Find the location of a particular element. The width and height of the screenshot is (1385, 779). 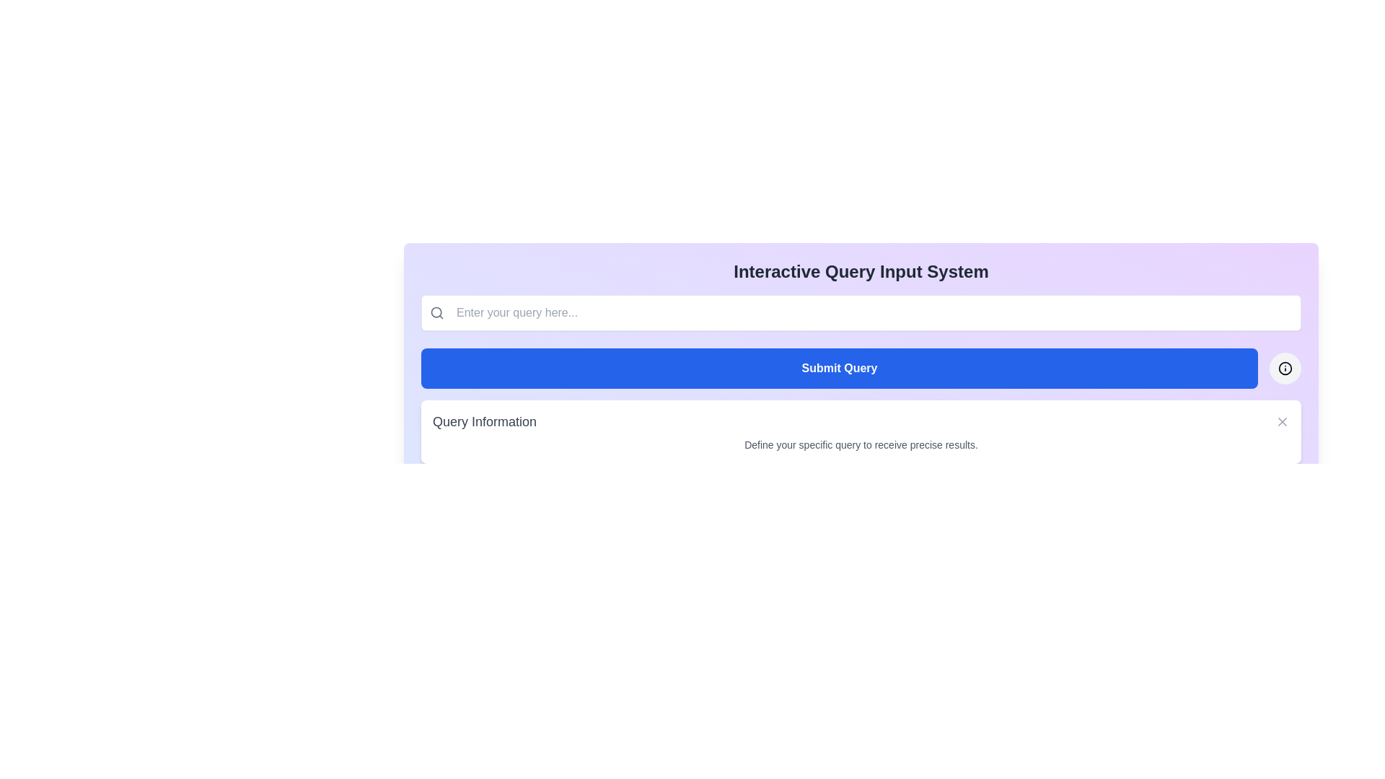

the search icon located on the left side of the input field which serves as a visual indicator of the search functionality is located at coordinates (436, 312).